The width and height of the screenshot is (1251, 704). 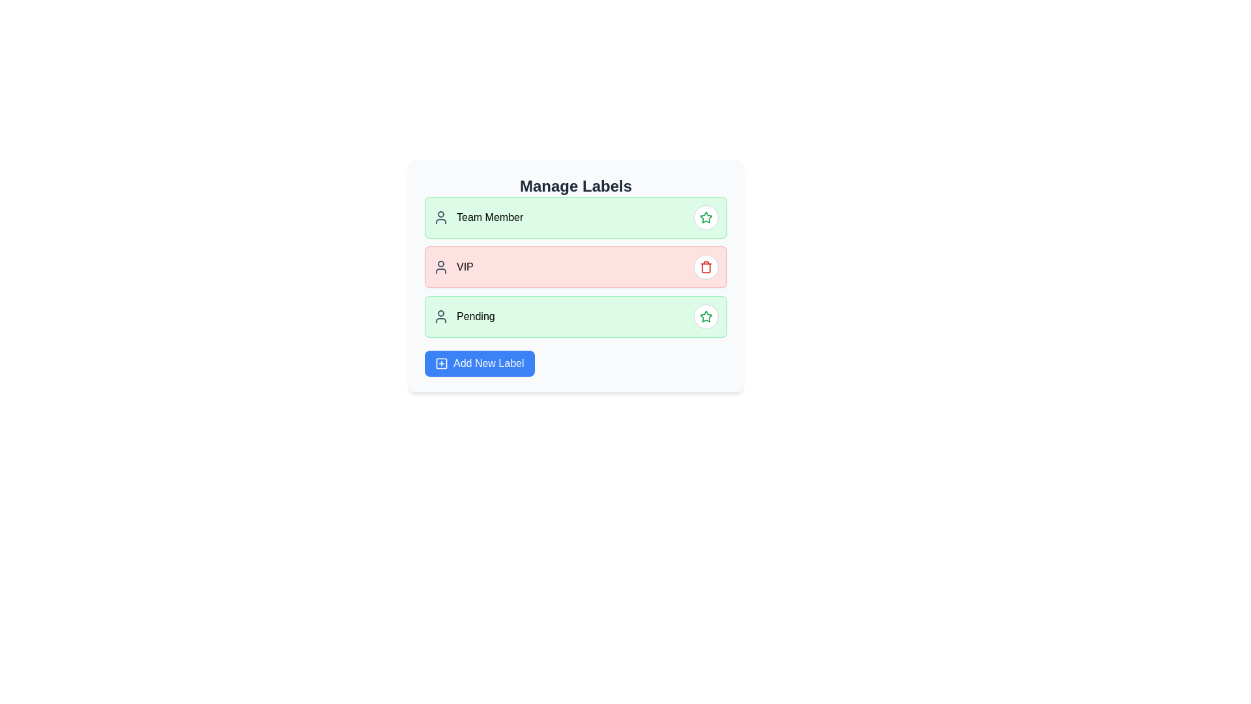 What do you see at coordinates (706, 217) in the screenshot?
I see `the star icon located within the circular button on the rightmost side of the bottom green section labeled 'Pending' to mark it as favorite` at bounding box center [706, 217].